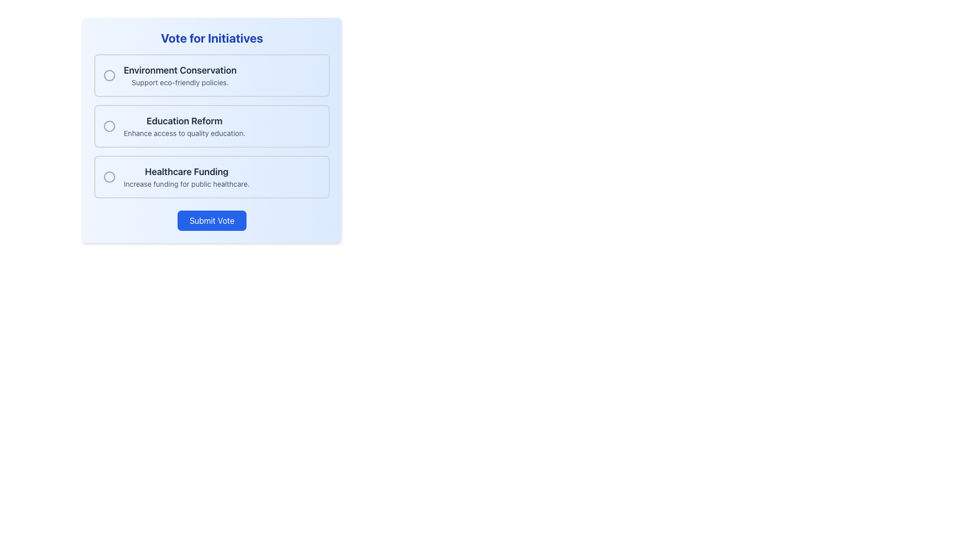 The image size is (974, 548). What do you see at coordinates (211, 130) in the screenshot?
I see `one of the options in the central voting group, which is a large rounded rectangular component with gradient styling` at bounding box center [211, 130].